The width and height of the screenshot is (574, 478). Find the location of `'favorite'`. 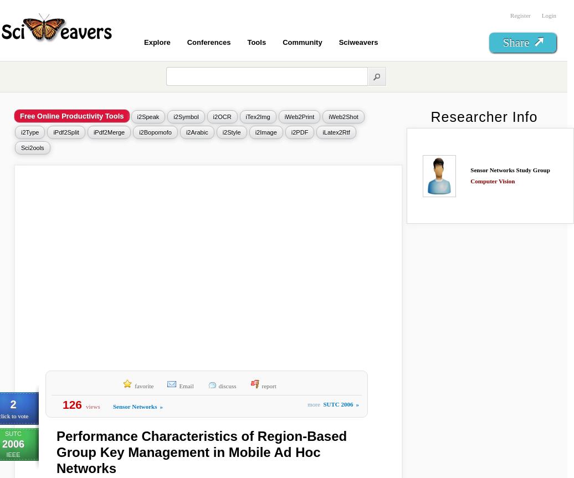

'favorite' is located at coordinates (135, 386).